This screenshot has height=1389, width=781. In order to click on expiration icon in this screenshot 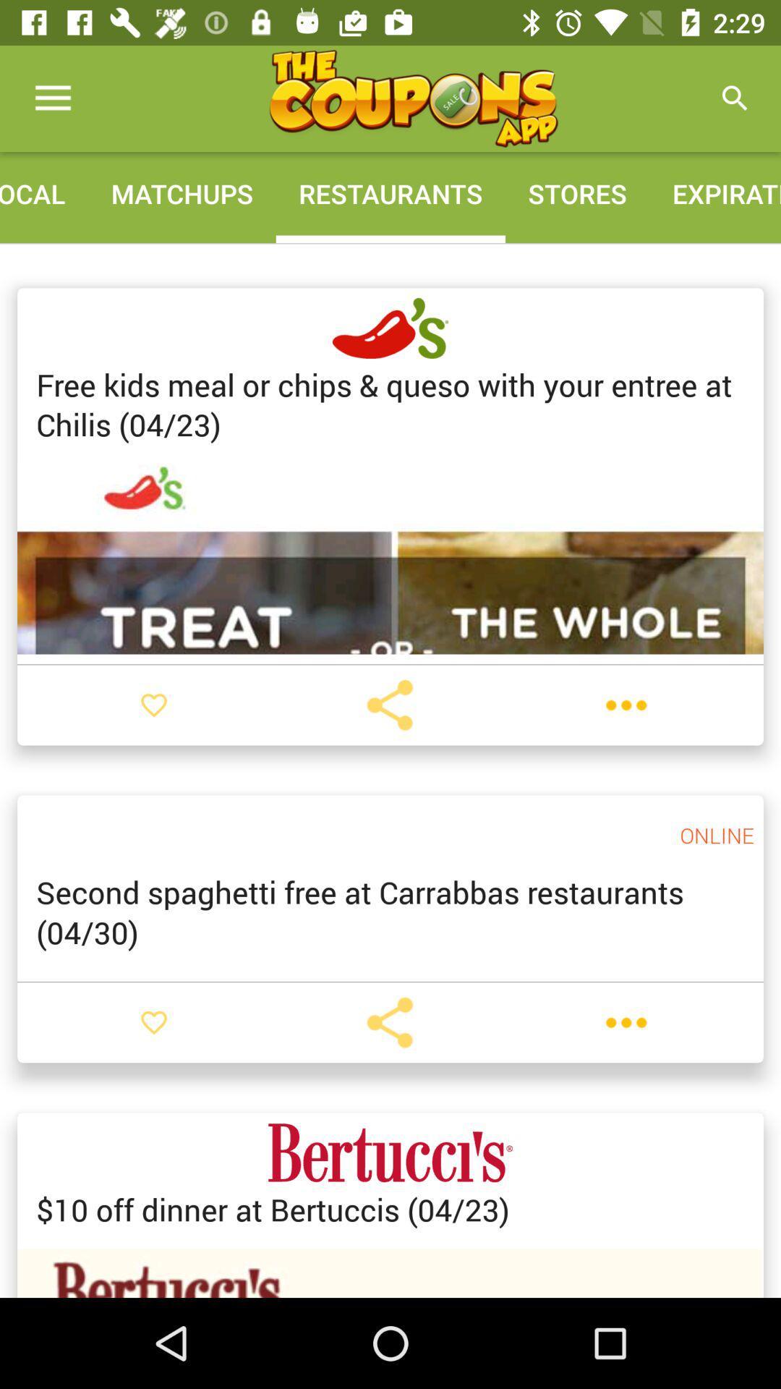, I will do `click(714, 192)`.